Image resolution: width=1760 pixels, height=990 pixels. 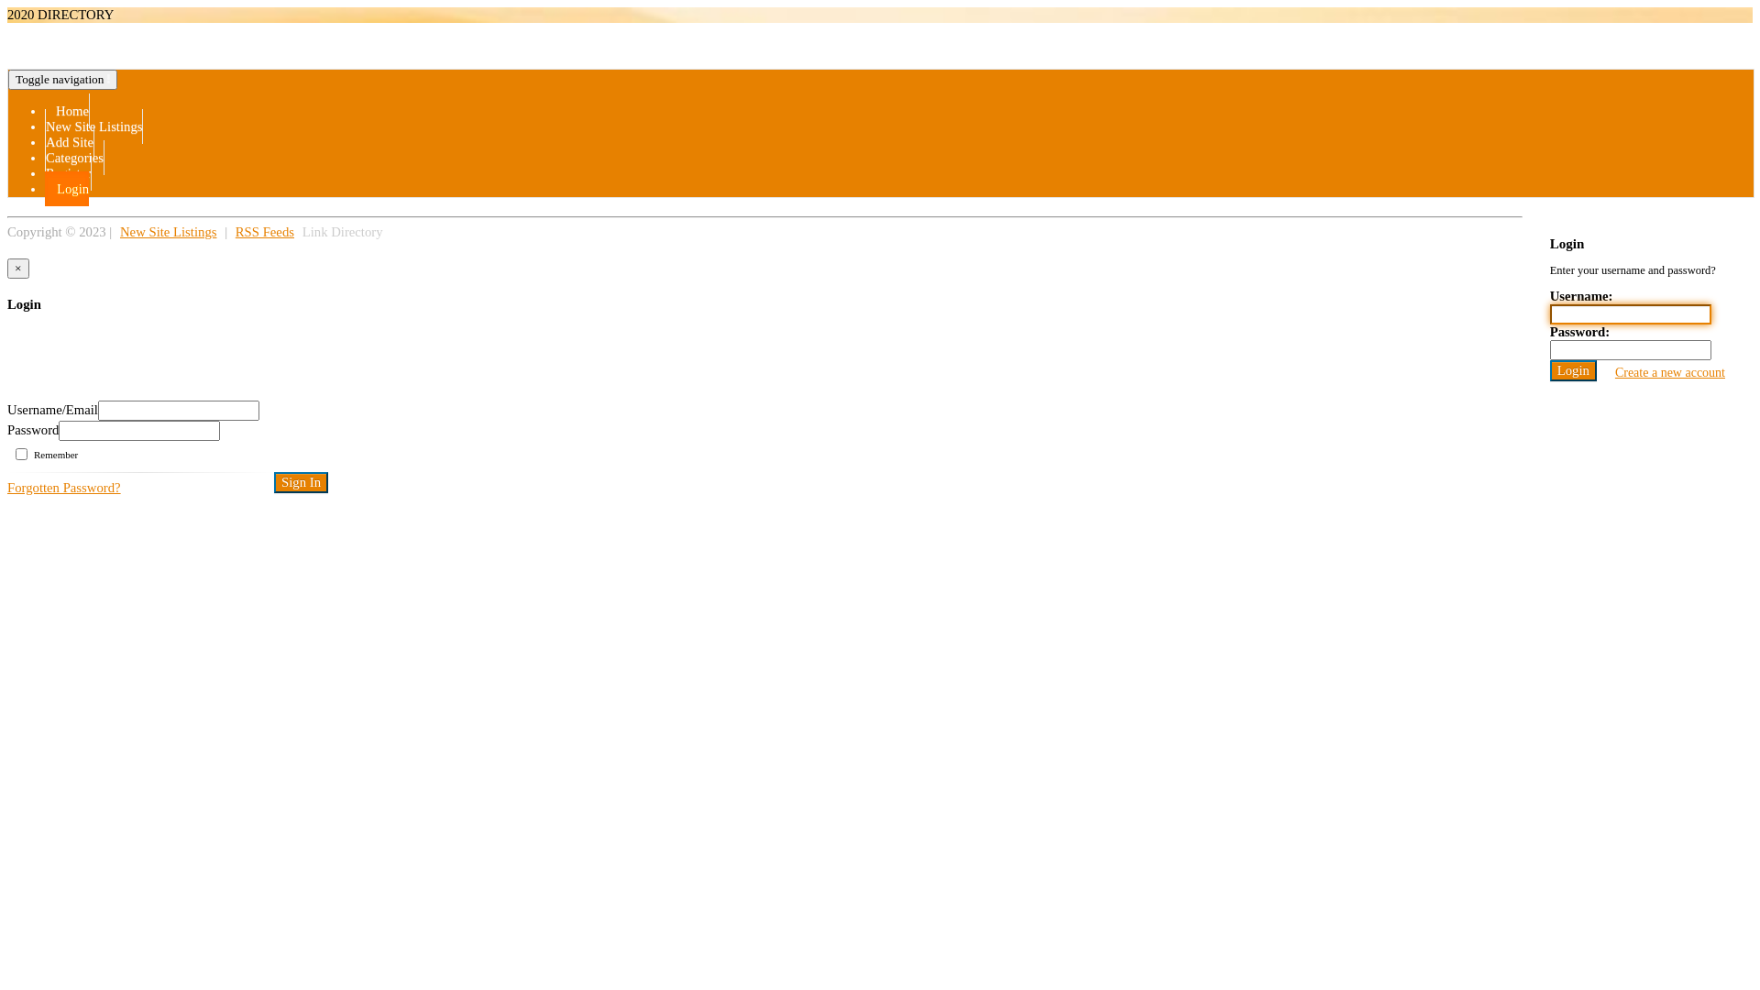 I want to click on 'New Site Listings', so click(x=168, y=231).